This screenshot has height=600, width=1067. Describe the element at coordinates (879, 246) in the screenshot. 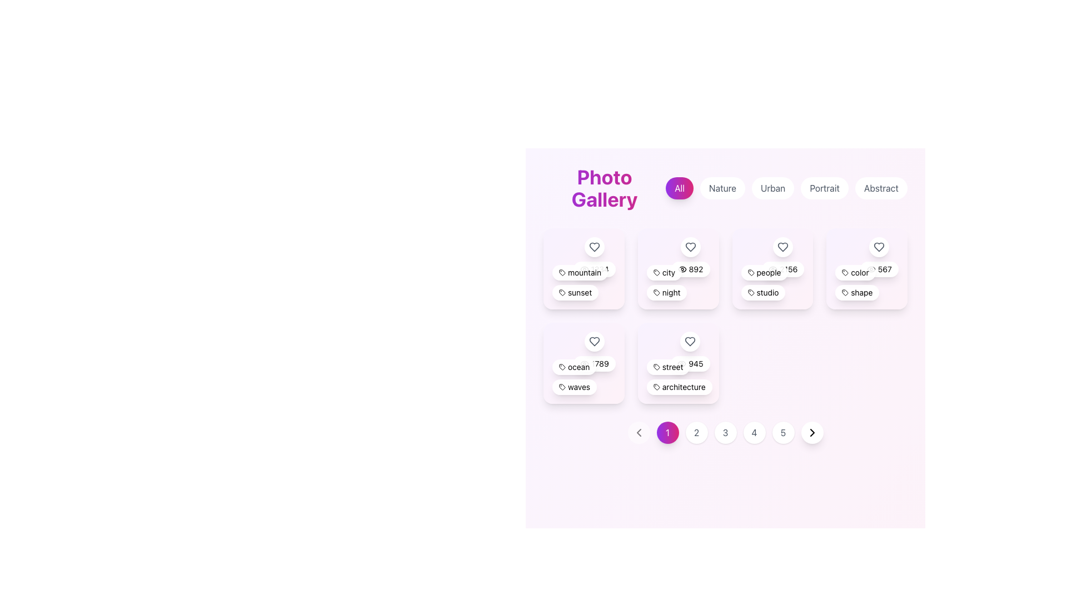

I see `the interactive button located at the top-right corner of the 'color' card displaying the number '567' to activate hover effects` at that location.